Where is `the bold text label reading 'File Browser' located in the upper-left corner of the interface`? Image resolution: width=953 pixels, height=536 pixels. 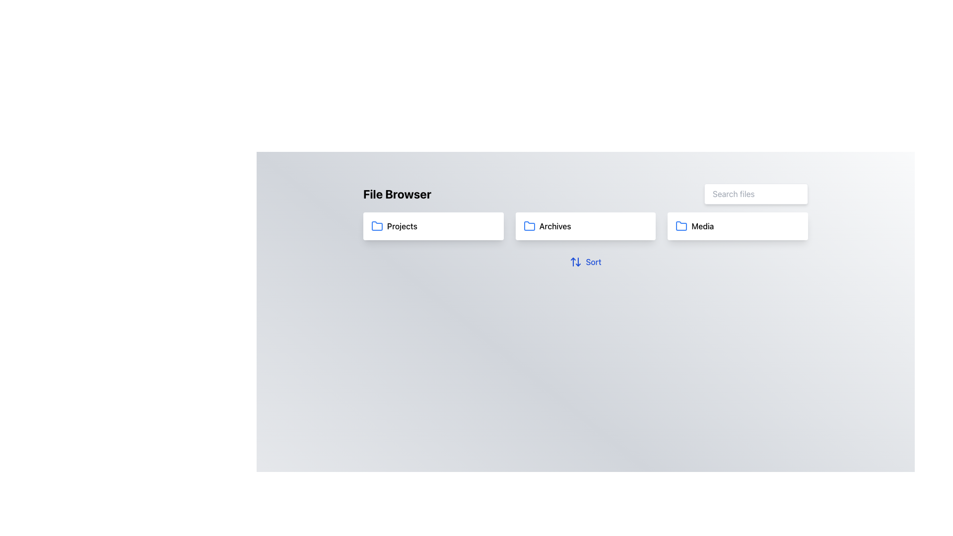
the bold text label reading 'File Browser' located in the upper-left corner of the interface is located at coordinates (397, 194).